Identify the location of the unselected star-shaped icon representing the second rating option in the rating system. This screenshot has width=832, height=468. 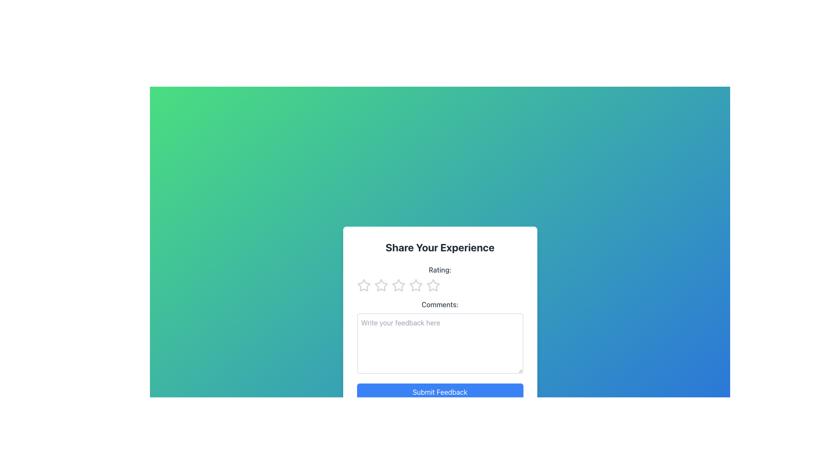
(415, 285).